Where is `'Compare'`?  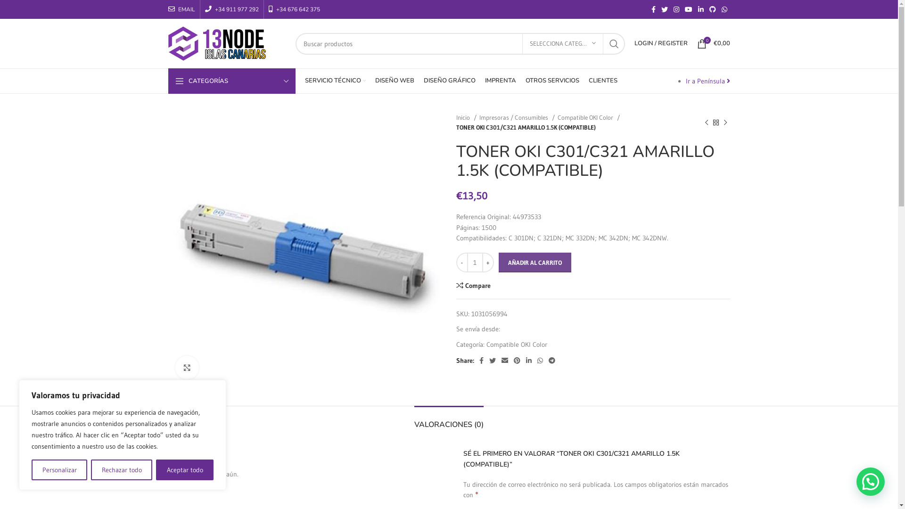 'Compare' is located at coordinates (473, 285).